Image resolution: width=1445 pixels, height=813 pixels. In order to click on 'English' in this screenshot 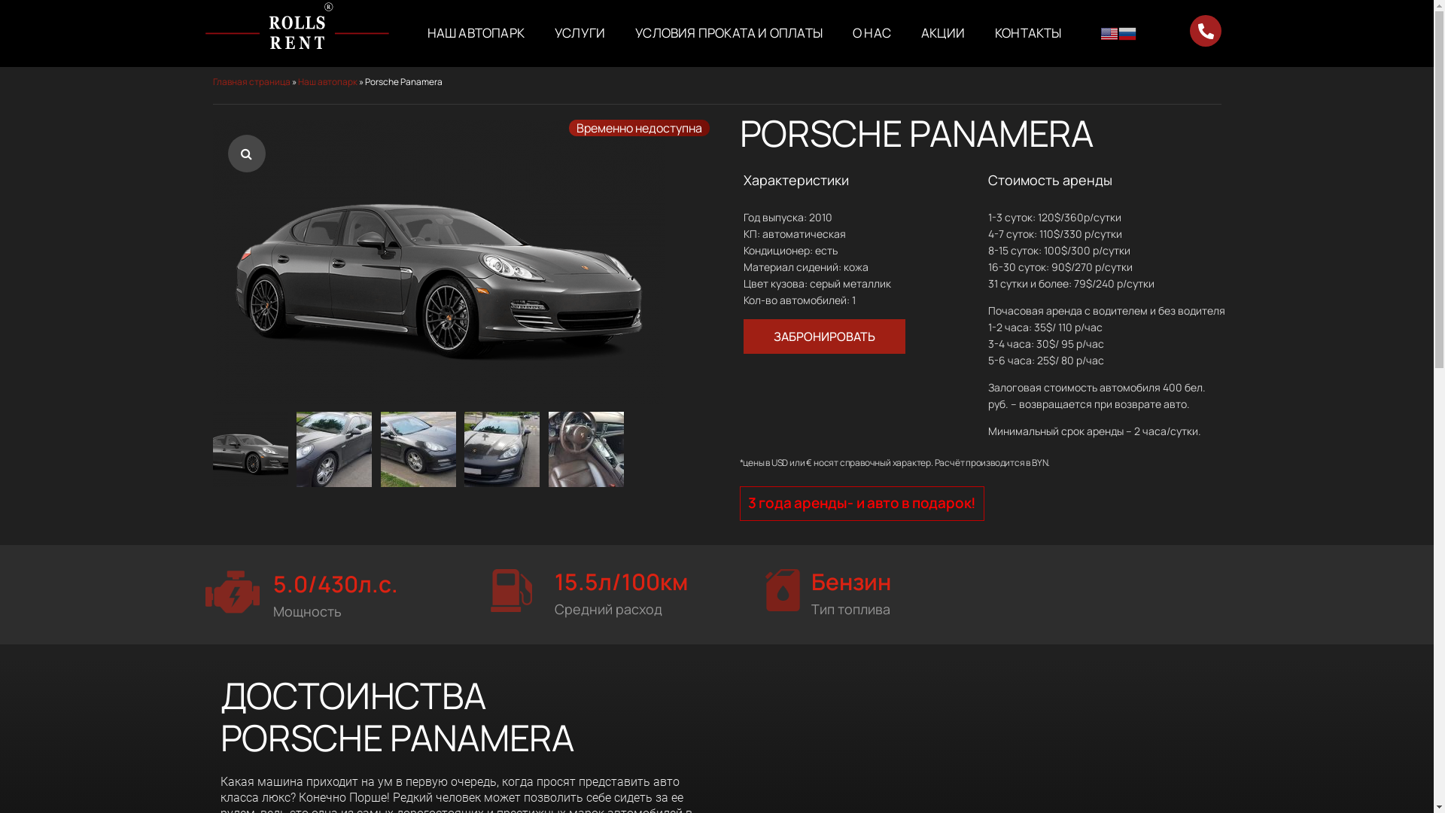, I will do `click(1109, 32)`.